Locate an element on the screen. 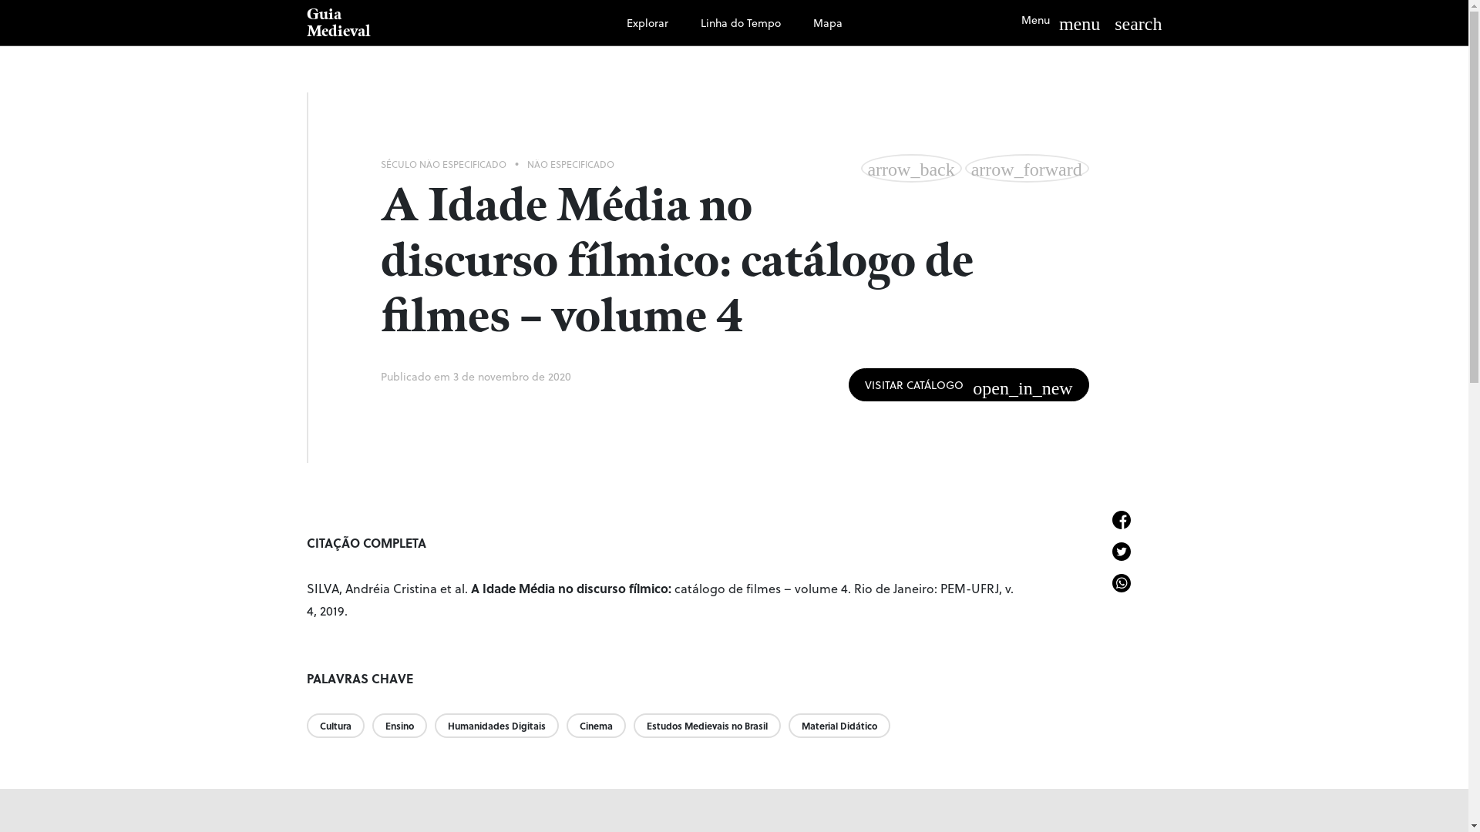 This screenshot has width=1480, height=832. 'Cultura' is located at coordinates (338, 724).